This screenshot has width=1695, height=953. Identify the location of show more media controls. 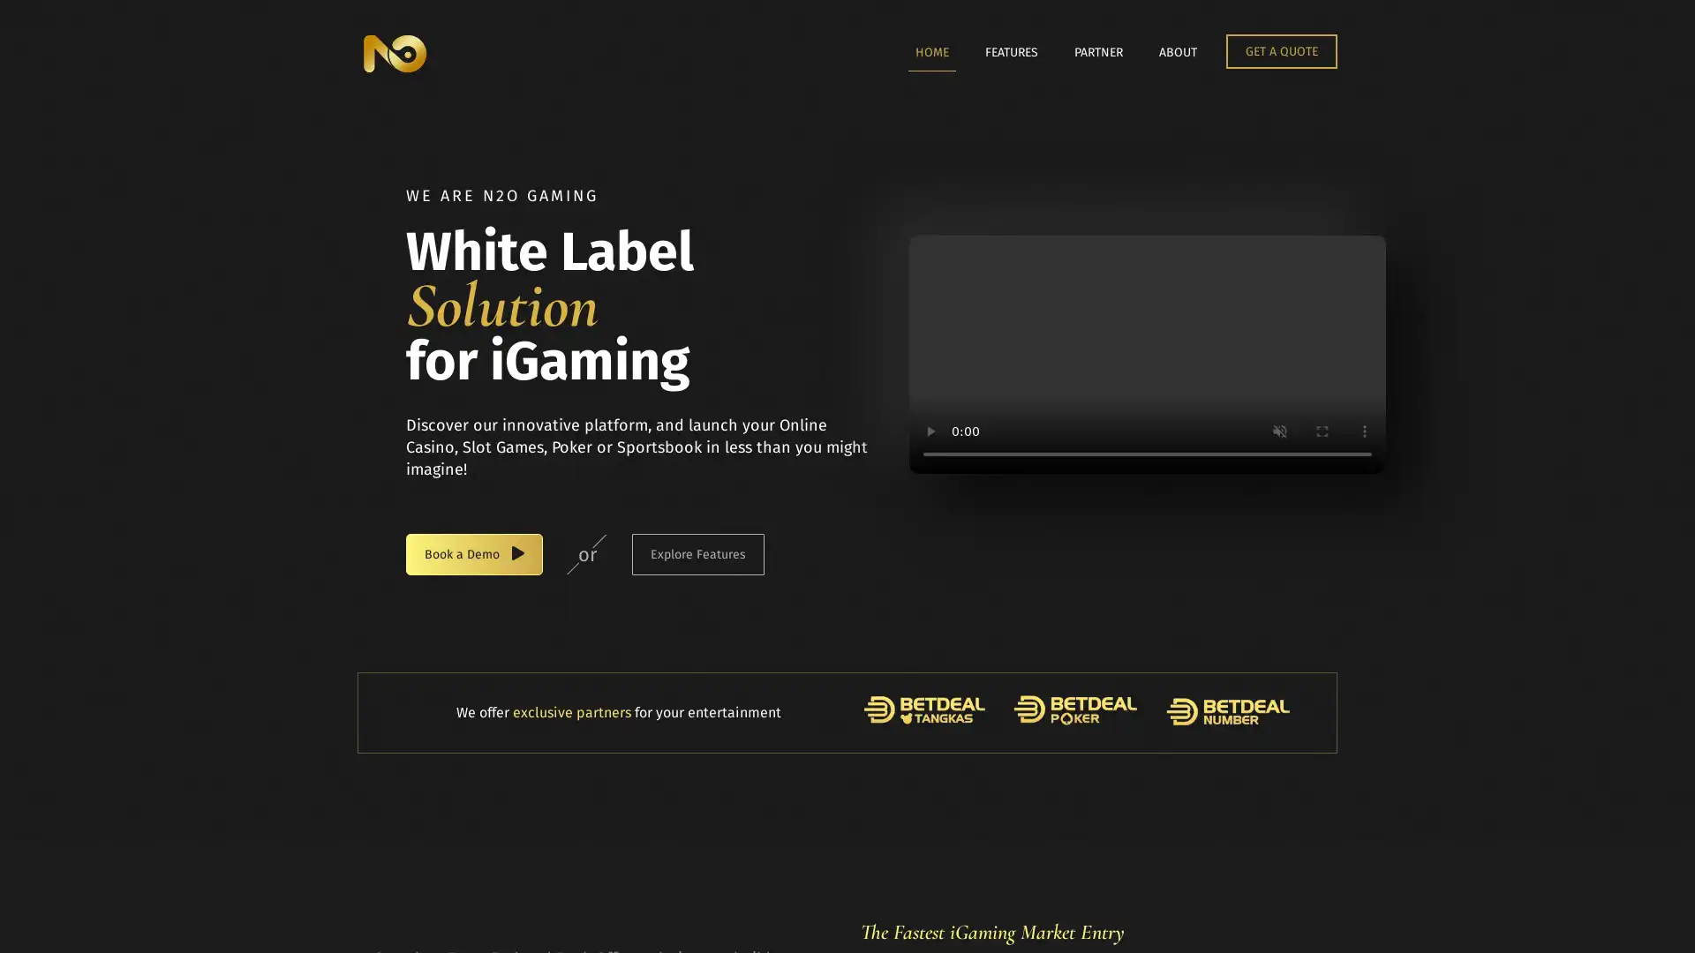
(1363, 431).